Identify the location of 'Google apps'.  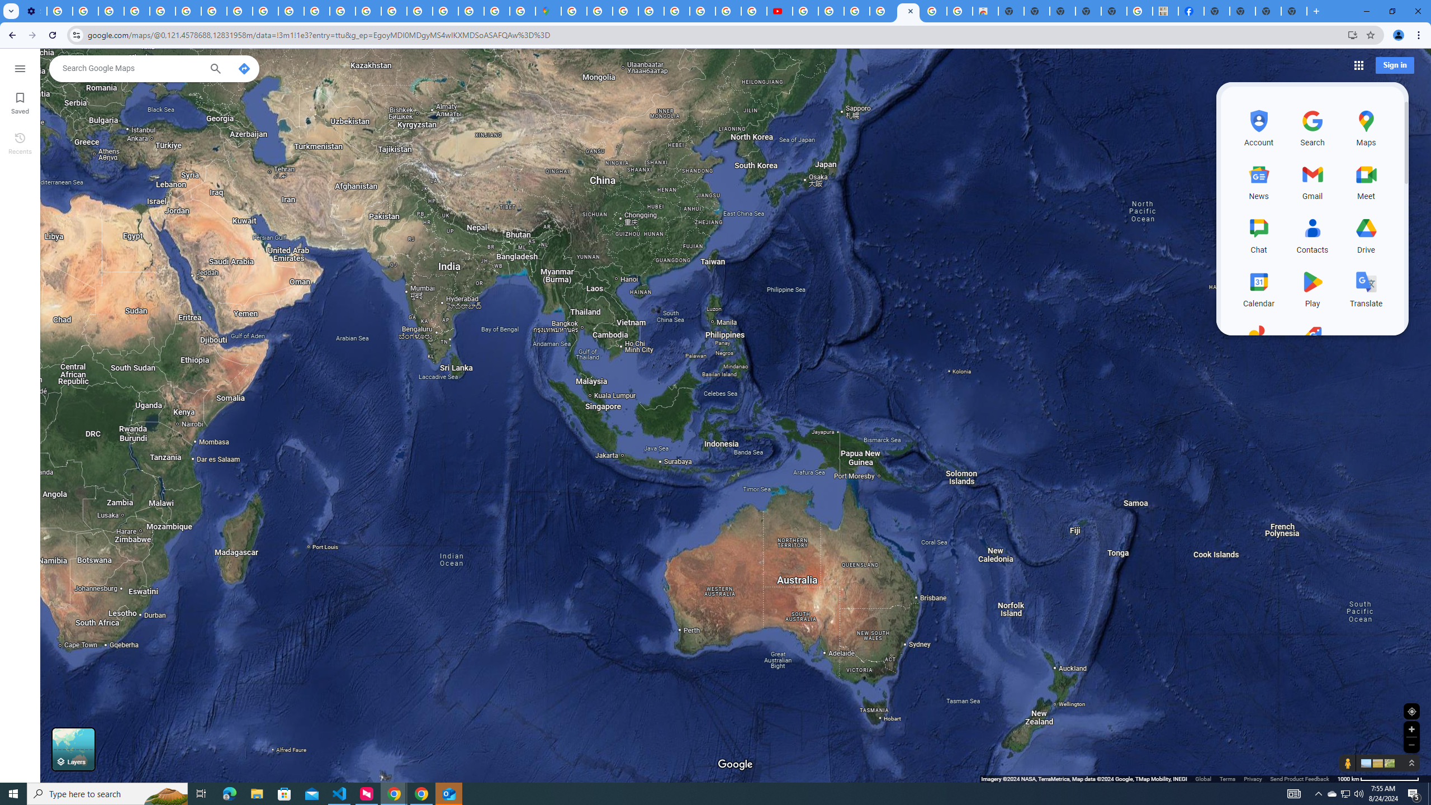
(1358, 64).